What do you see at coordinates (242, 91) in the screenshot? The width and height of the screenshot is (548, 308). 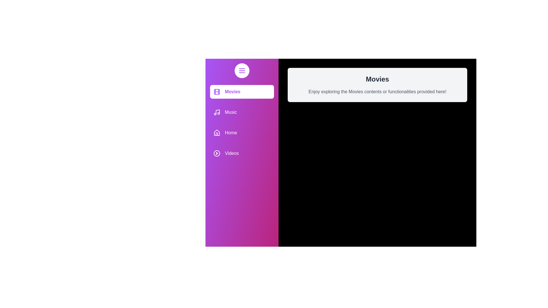 I see `the media category item Movies to receive feedback` at bounding box center [242, 91].